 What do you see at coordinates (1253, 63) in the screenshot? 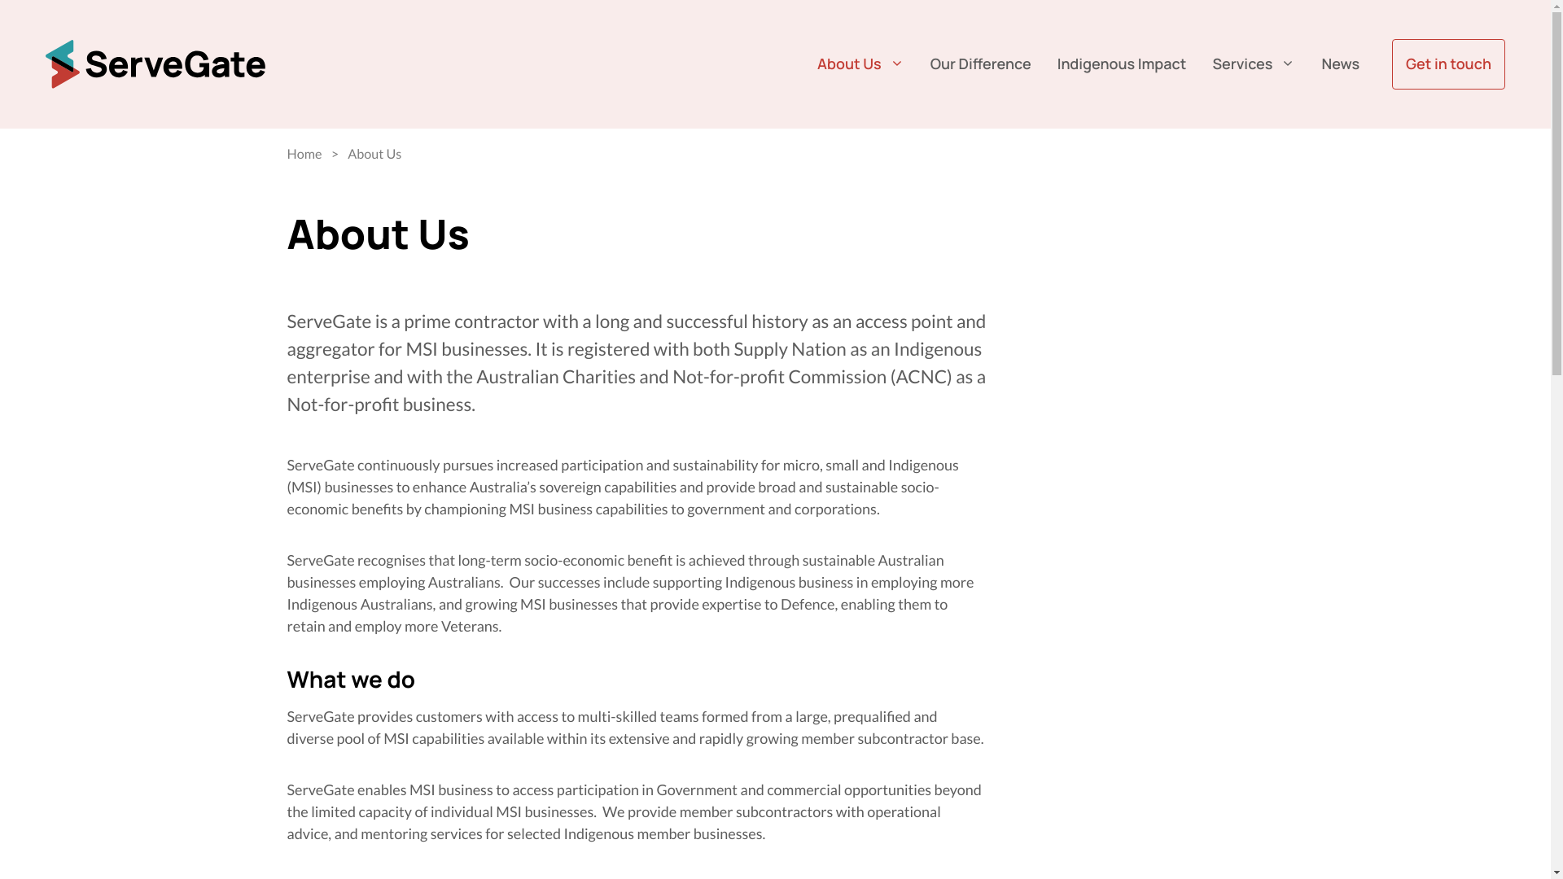
I see `'Services'` at bounding box center [1253, 63].